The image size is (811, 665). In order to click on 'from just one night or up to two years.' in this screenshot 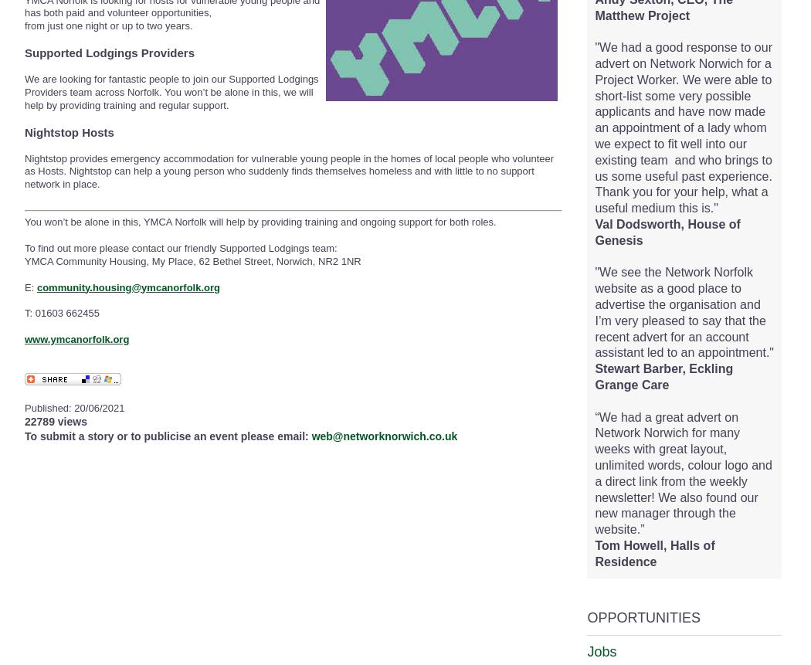, I will do `click(107, 25)`.